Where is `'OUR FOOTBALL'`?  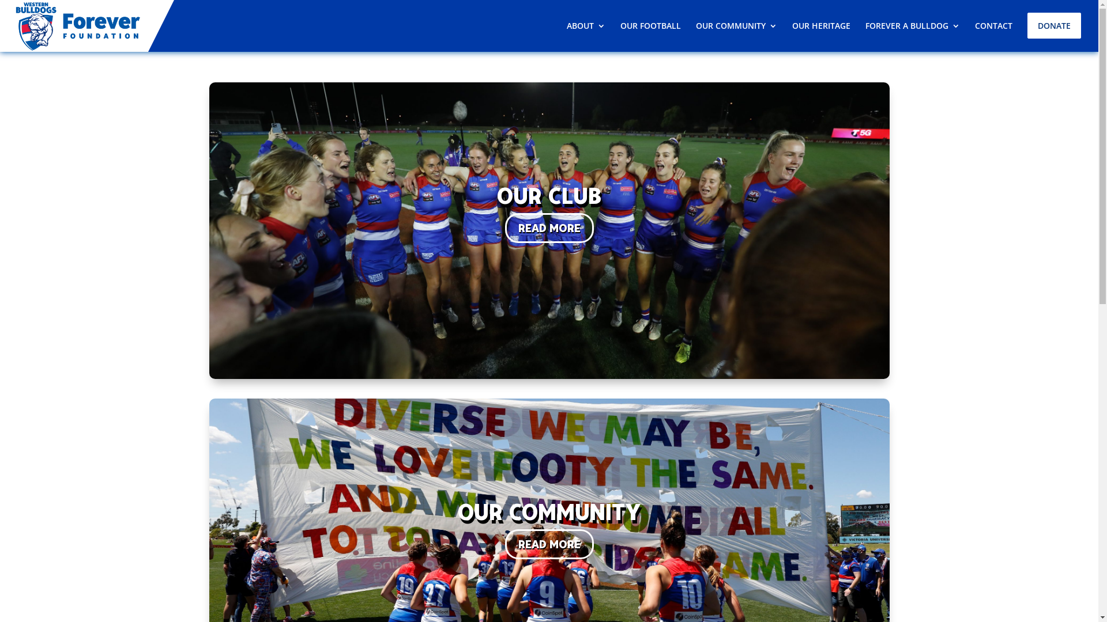 'OUR FOOTBALL' is located at coordinates (650, 26).